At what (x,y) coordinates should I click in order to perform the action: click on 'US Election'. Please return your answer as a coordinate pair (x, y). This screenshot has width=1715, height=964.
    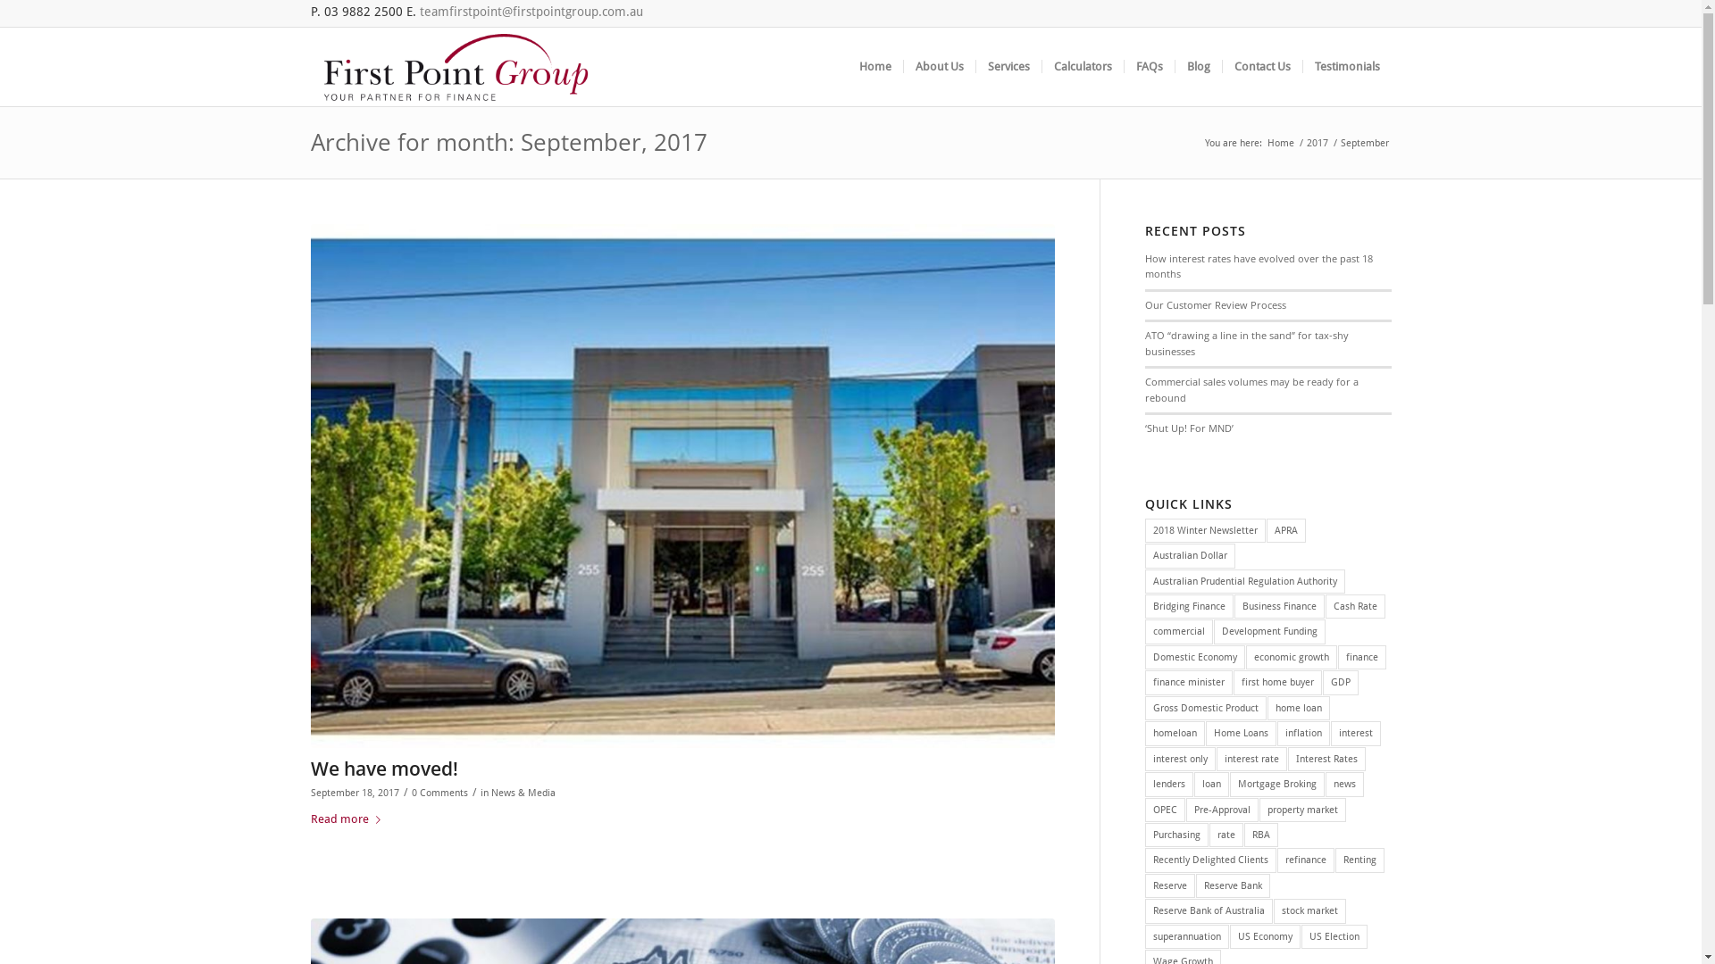
    Looking at the image, I should click on (1334, 935).